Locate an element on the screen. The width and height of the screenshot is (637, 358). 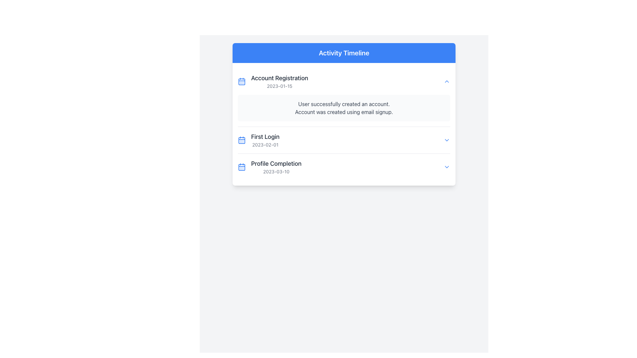
the static text element that confirms account creation, which is located in the 'Activity Timeline' panel under the 'Account Registration' section is located at coordinates (344, 104).